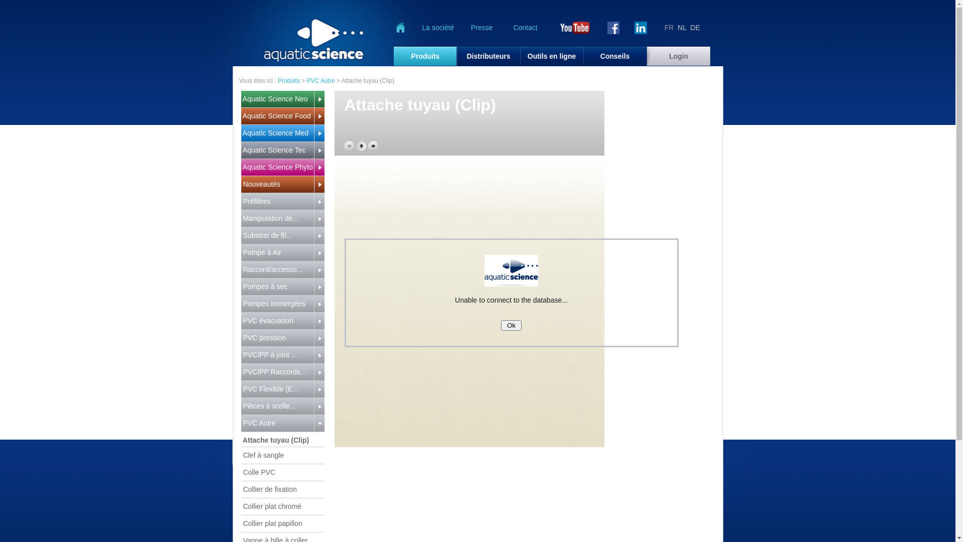 The image size is (963, 542). Describe the element at coordinates (277, 151) in the screenshot. I see `' Aquatic Science Tec'` at that location.